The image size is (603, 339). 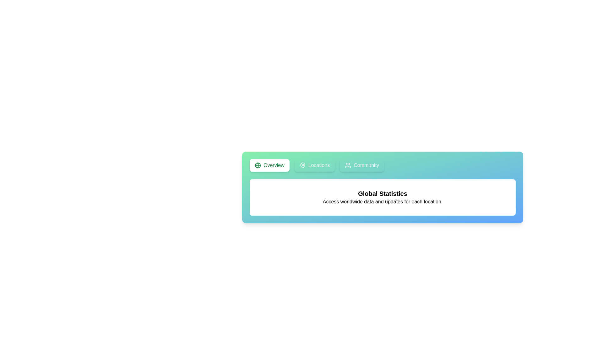 What do you see at coordinates (314, 165) in the screenshot?
I see `the 'Locations' tab to view its content` at bounding box center [314, 165].